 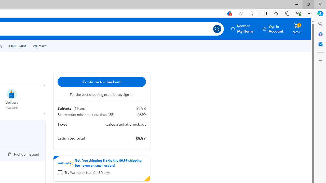 What do you see at coordinates (242, 29) in the screenshot?
I see `'ReorderMy Items'` at bounding box center [242, 29].